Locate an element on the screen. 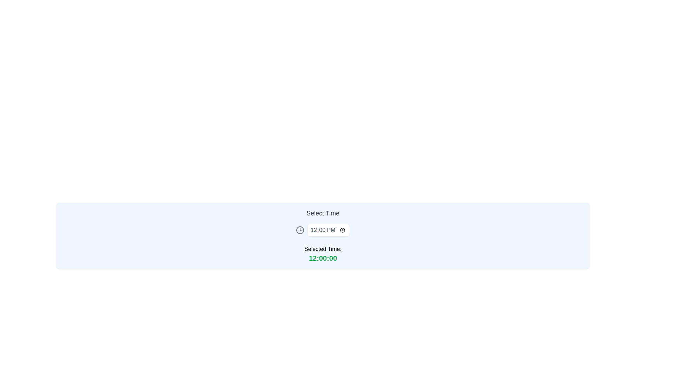  the bordered rectangular Time input field displaying '12:00 PM' is located at coordinates (328, 230).